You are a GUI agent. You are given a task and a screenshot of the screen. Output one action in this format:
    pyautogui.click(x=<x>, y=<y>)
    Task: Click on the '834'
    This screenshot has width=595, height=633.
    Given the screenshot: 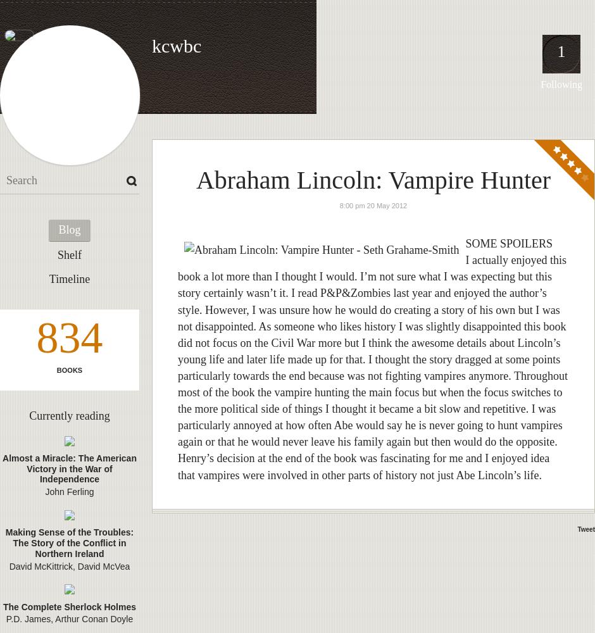 What is the action you would take?
    pyautogui.click(x=69, y=337)
    